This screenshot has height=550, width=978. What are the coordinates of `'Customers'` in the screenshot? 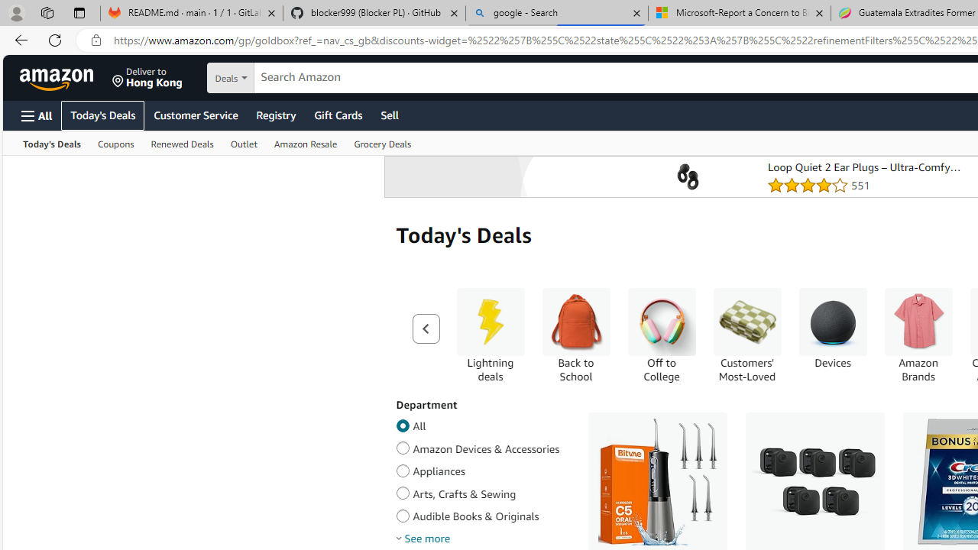 It's located at (746, 335).